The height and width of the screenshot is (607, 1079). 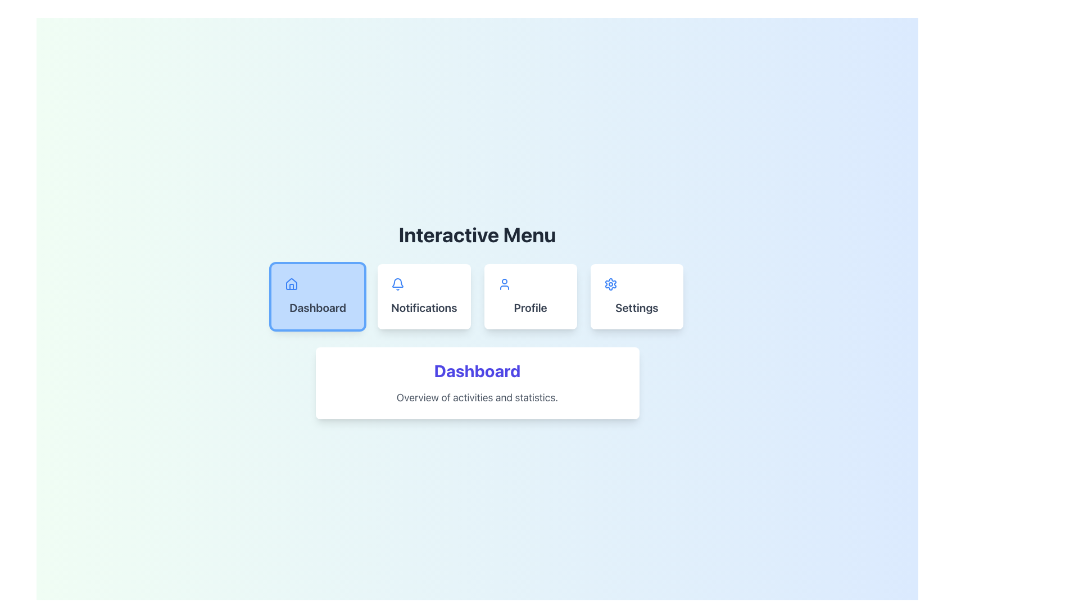 What do you see at coordinates (423, 307) in the screenshot?
I see `the 'Notifications' text label` at bounding box center [423, 307].